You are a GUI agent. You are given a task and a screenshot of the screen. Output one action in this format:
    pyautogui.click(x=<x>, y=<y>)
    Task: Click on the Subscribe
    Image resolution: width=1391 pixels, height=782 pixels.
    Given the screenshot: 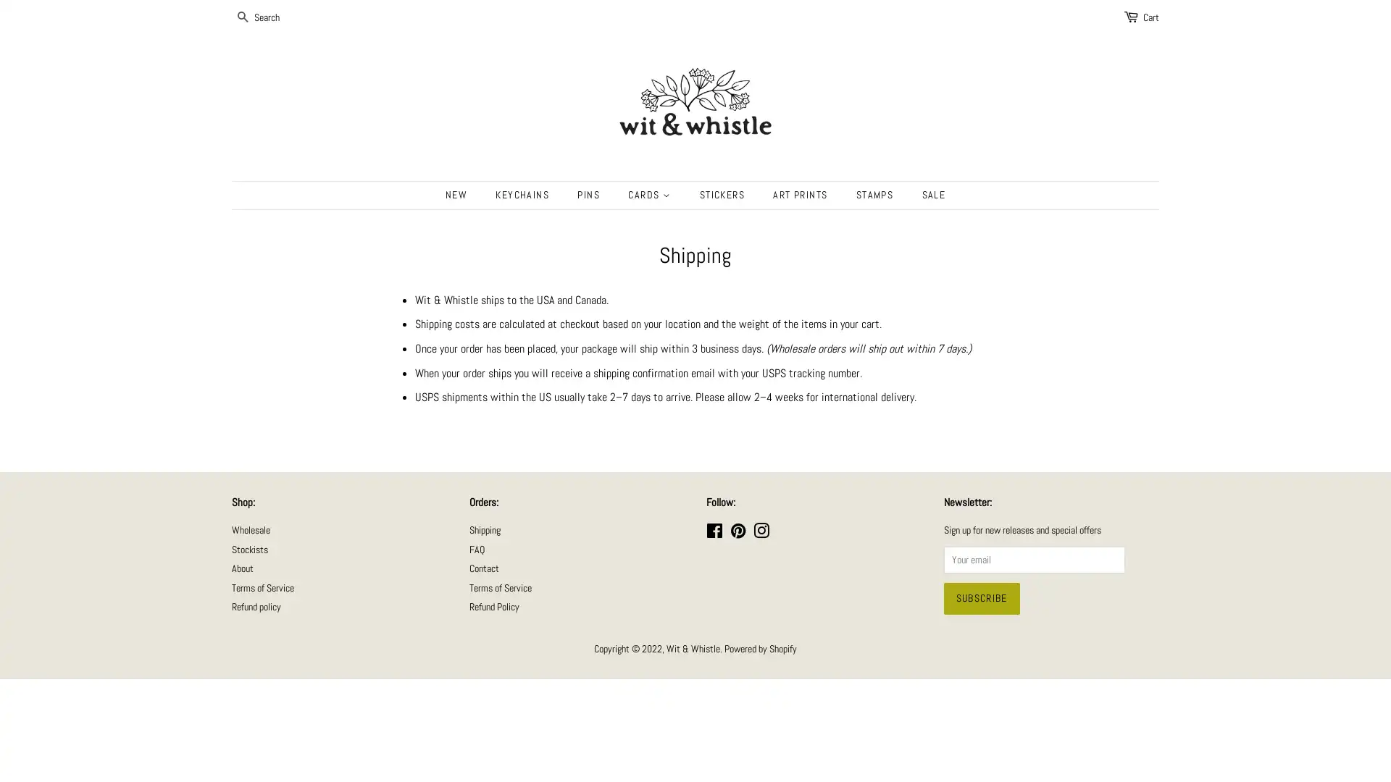 What is the action you would take?
    pyautogui.click(x=981, y=598)
    